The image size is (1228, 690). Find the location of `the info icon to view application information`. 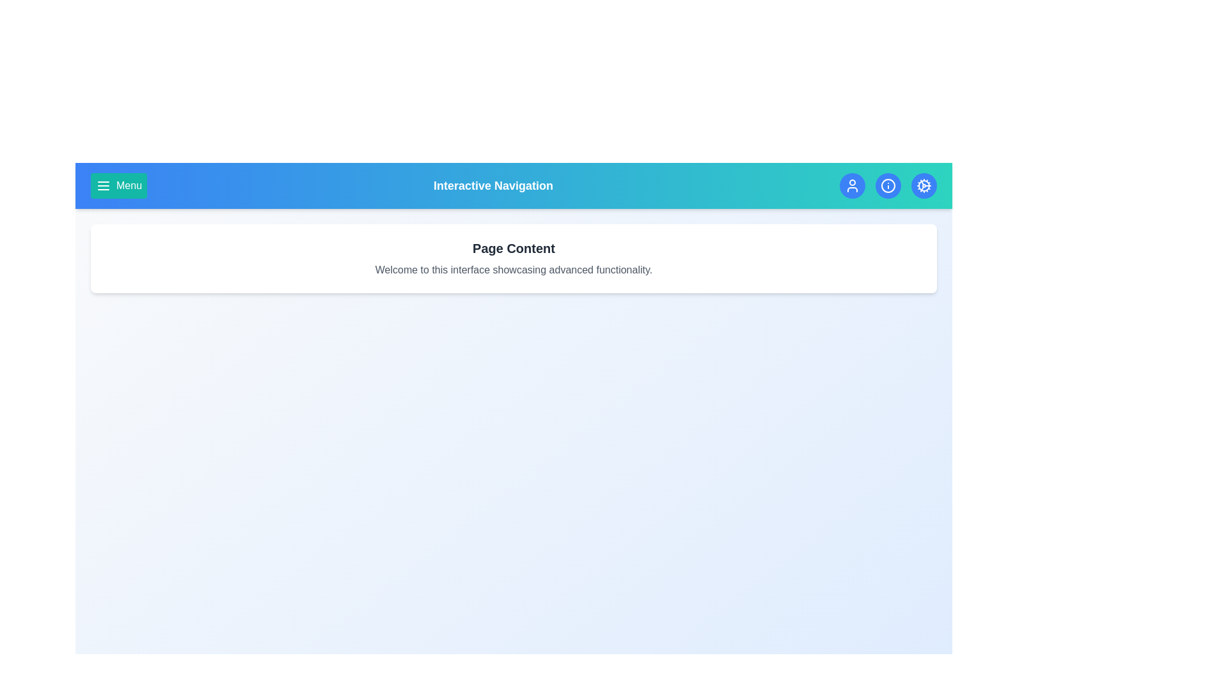

the info icon to view application information is located at coordinates (887, 185).